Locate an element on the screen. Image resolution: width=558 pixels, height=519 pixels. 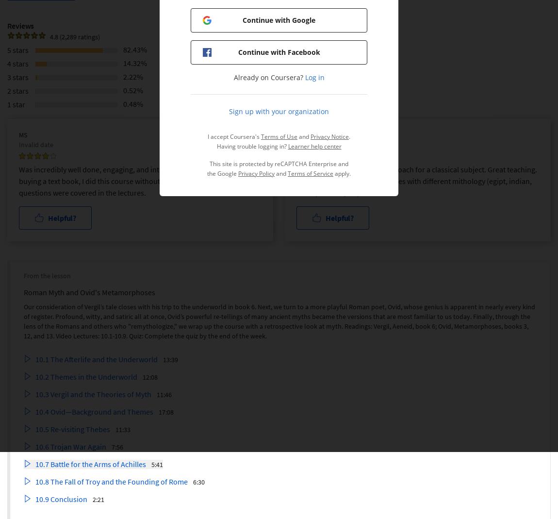
'10.6 Trojan War Again' is located at coordinates (71, 446).